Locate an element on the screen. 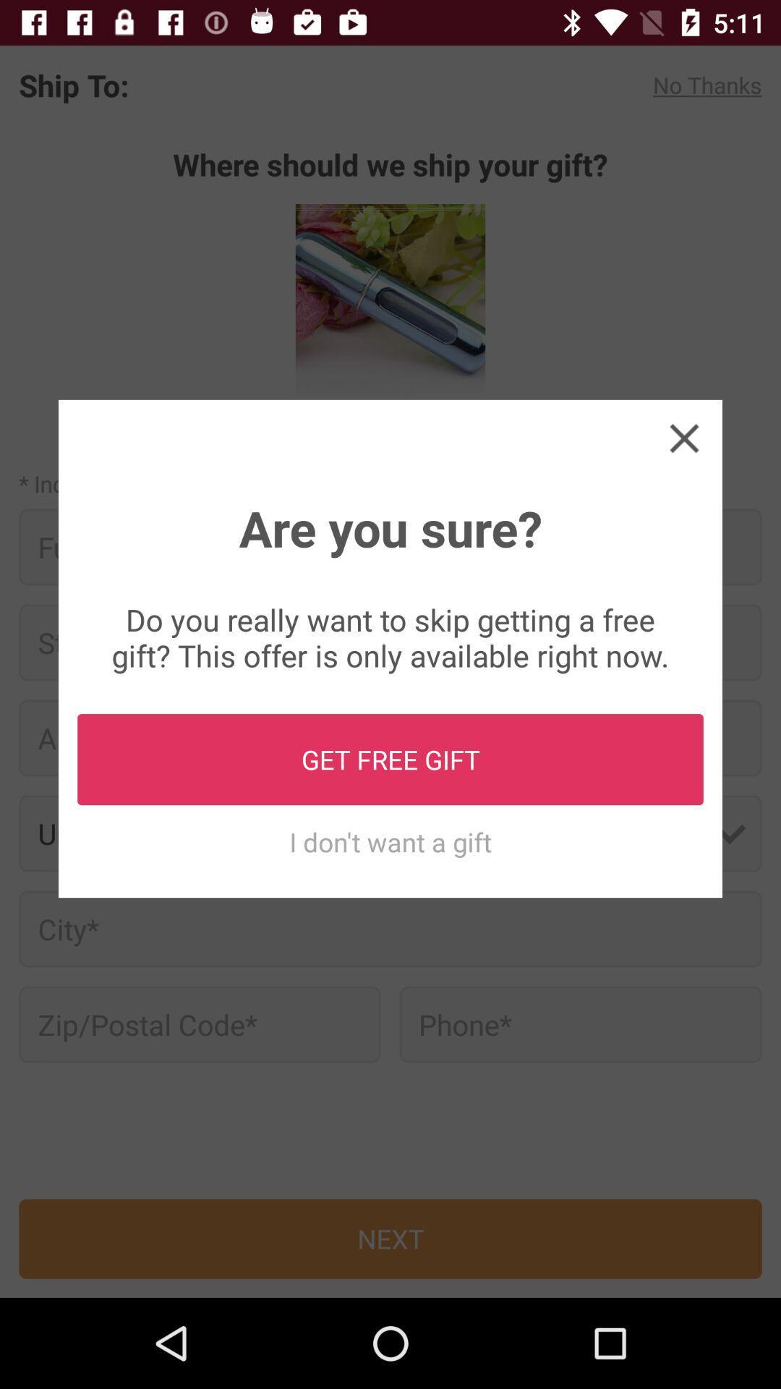 This screenshot has height=1389, width=781. i don t is located at coordinates (390, 841).